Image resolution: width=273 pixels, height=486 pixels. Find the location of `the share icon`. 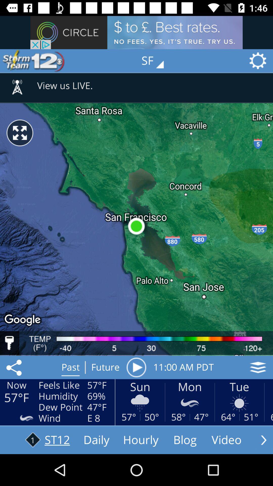

the share icon is located at coordinates (15, 367).